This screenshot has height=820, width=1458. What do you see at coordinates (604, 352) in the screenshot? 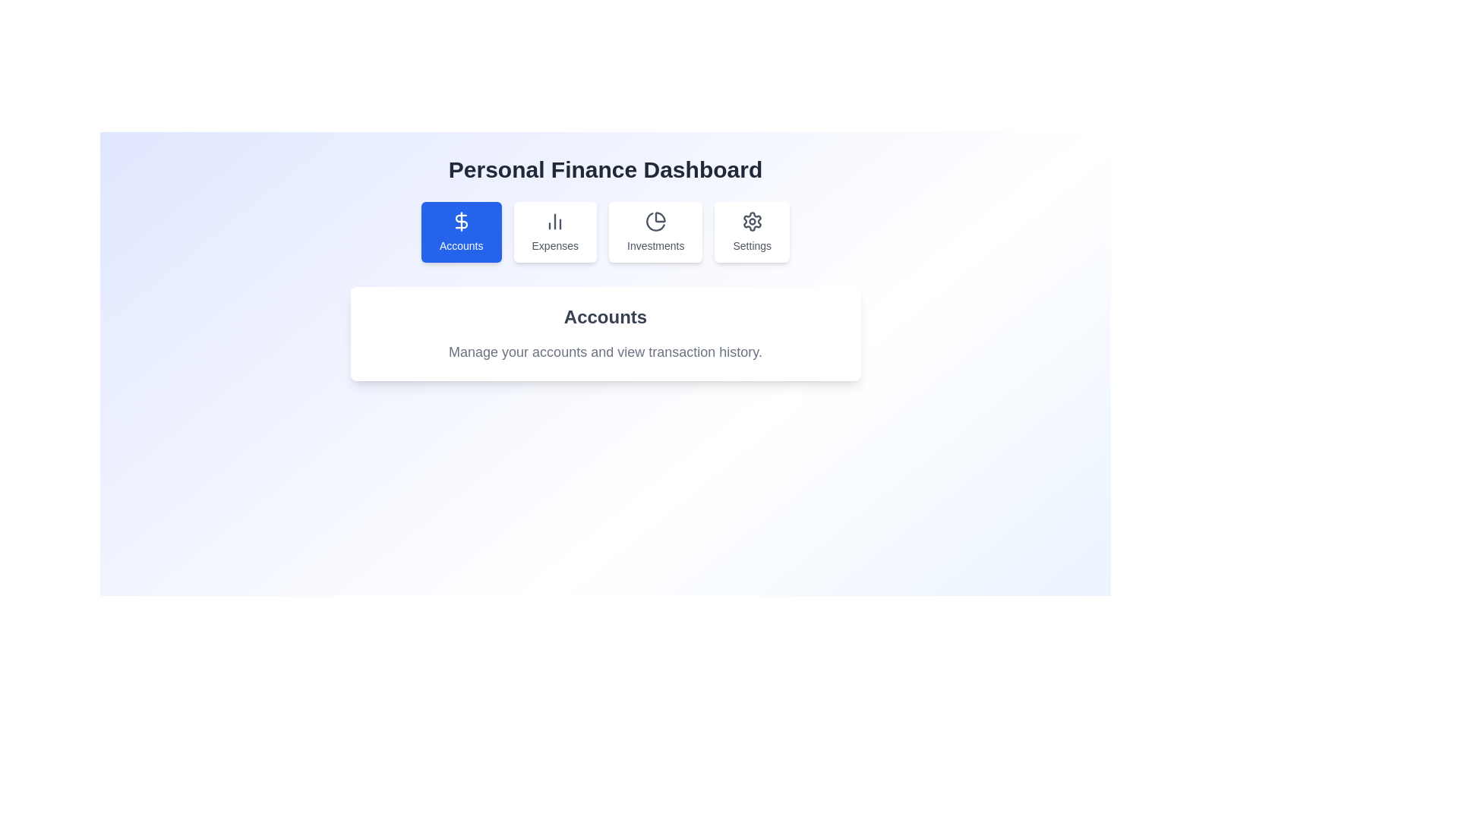
I see `static text label that says 'Manage your accounts and view transaction history.' which is located below the title 'Accounts' within a white card` at bounding box center [604, 352].